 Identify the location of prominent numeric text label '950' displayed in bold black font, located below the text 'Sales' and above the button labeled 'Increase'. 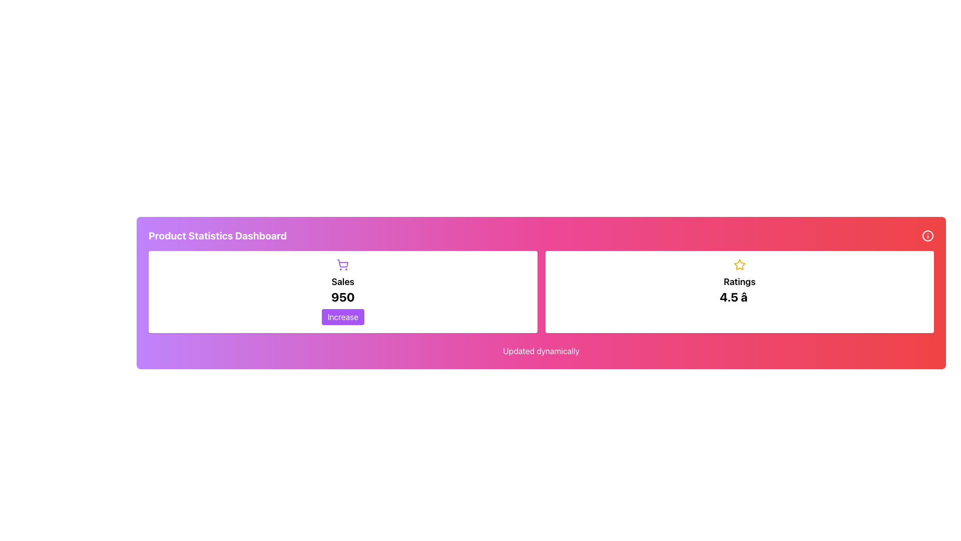
(343, 297).